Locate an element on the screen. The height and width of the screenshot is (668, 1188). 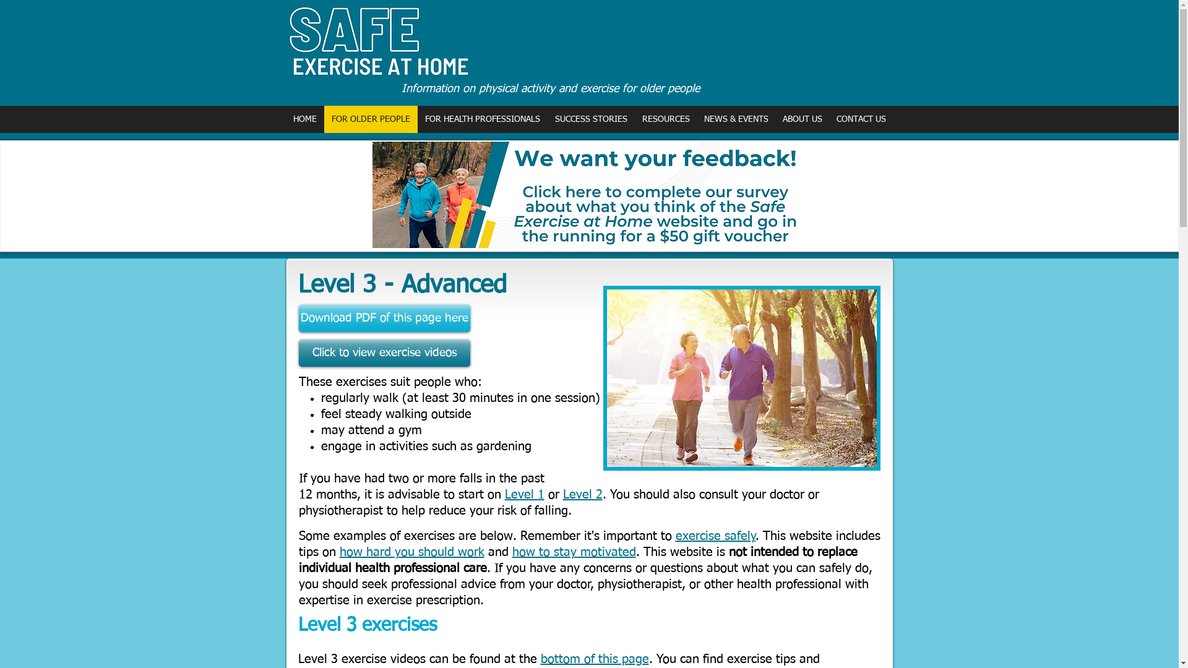
'ABOUT US' is located at coordinates (801, 119).